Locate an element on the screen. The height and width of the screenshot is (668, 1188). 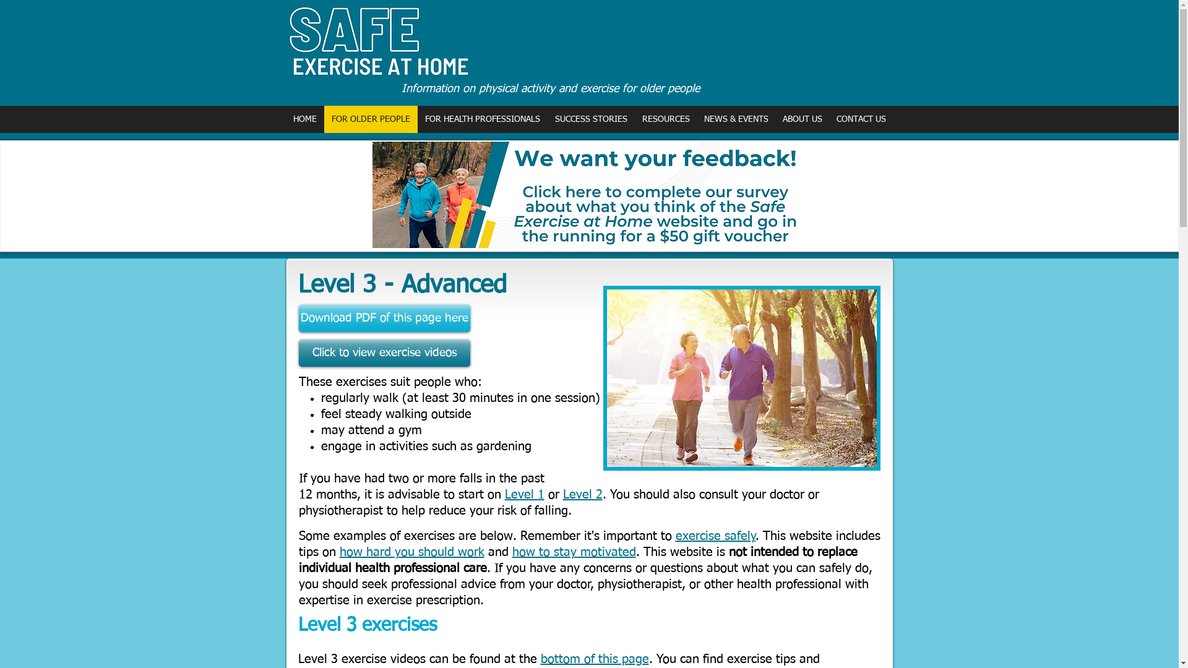
'ABOUT US' is located at coordinates (801, 119).